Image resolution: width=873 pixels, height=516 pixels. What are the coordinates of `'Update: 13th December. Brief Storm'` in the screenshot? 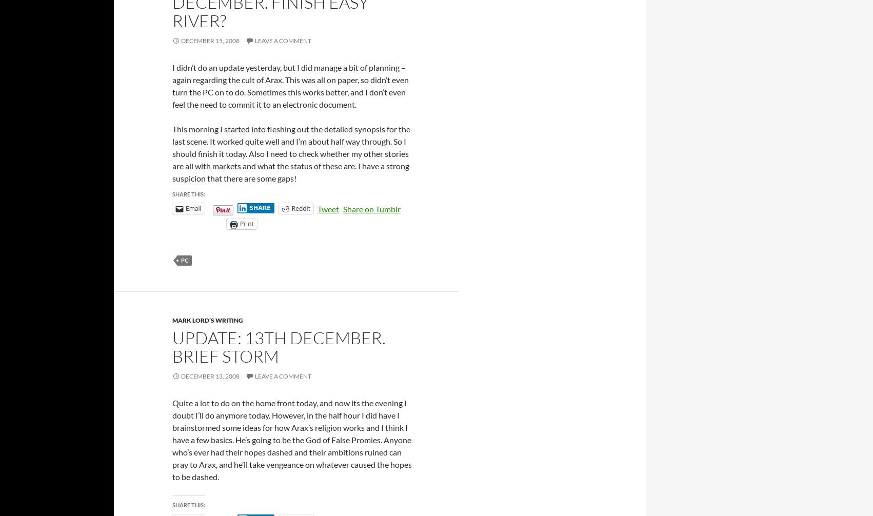 It's located at (278, 347).